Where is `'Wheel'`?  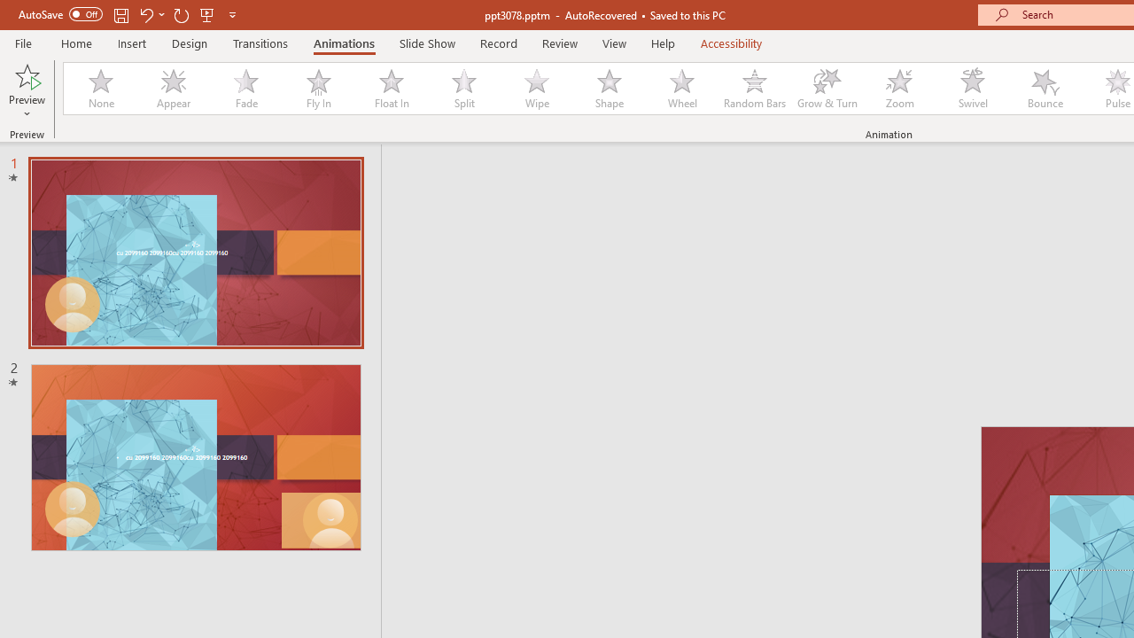 'Wheel' is located at coordinates (681, 89).